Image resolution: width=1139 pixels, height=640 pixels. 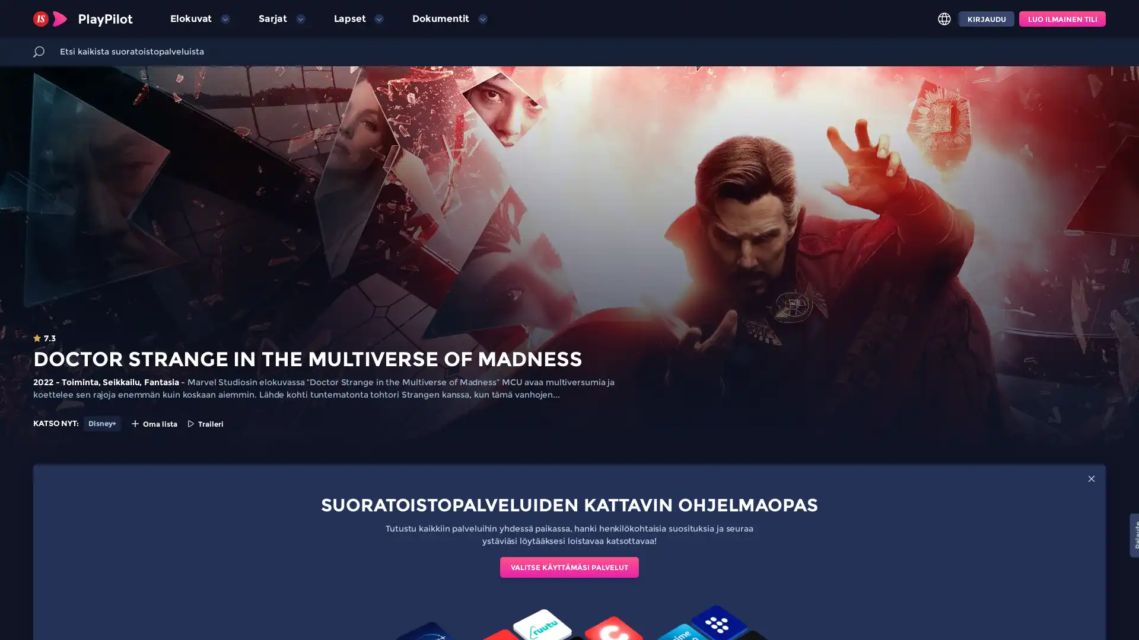 What do you see at coordinates (300, 18) in the screenshot?
I see `Expand menu` at bounding box center [300, 18].